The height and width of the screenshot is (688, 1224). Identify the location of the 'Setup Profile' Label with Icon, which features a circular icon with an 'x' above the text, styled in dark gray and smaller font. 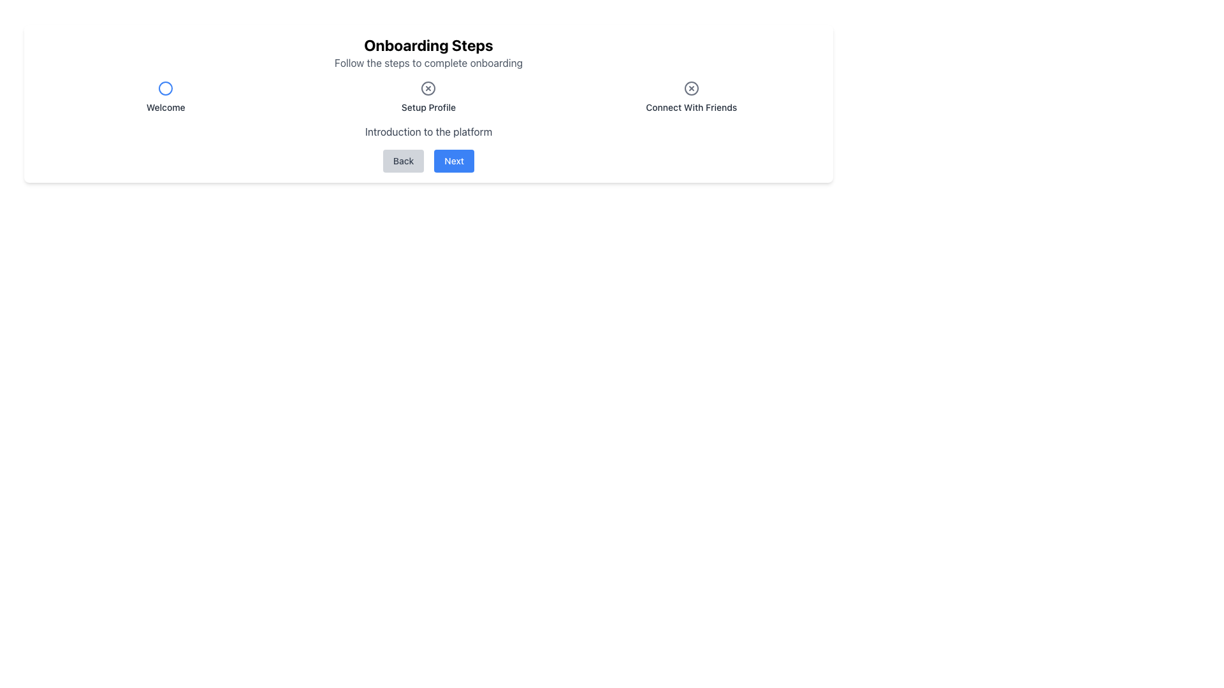
(428, 97).